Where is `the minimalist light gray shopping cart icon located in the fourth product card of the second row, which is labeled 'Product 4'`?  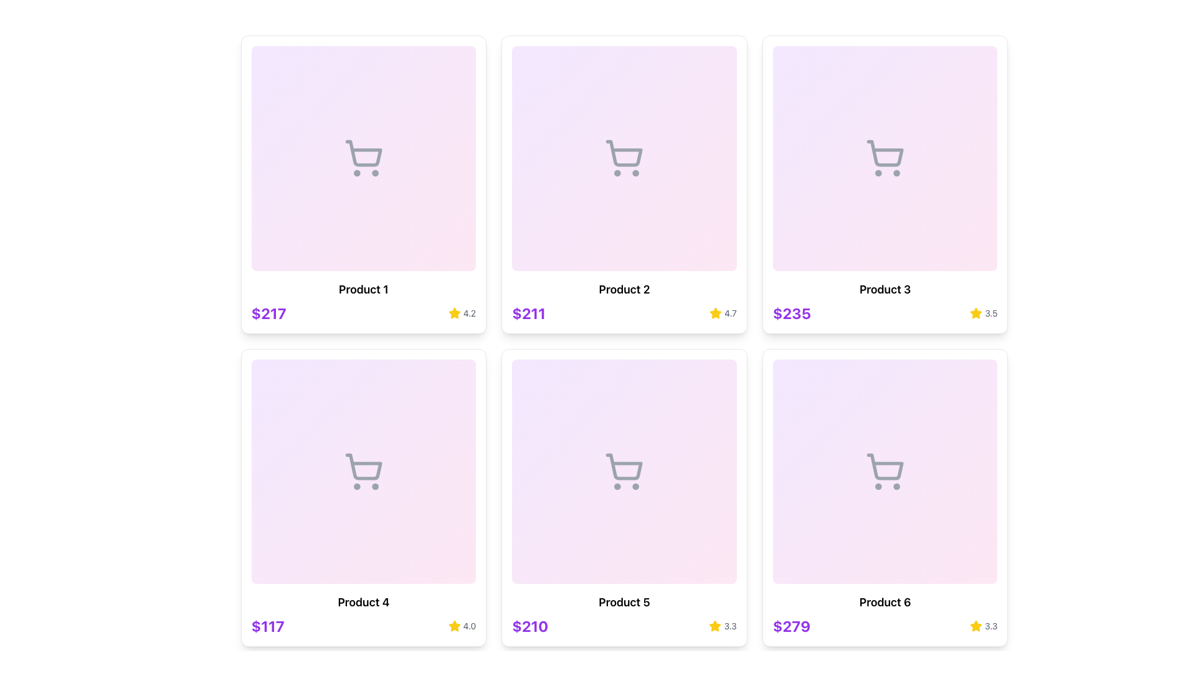 the minimalist light gray shopping cart icon located in the fourth product card of the second row, which is labeled 'Product 4' is located at coordinates (363, 471).